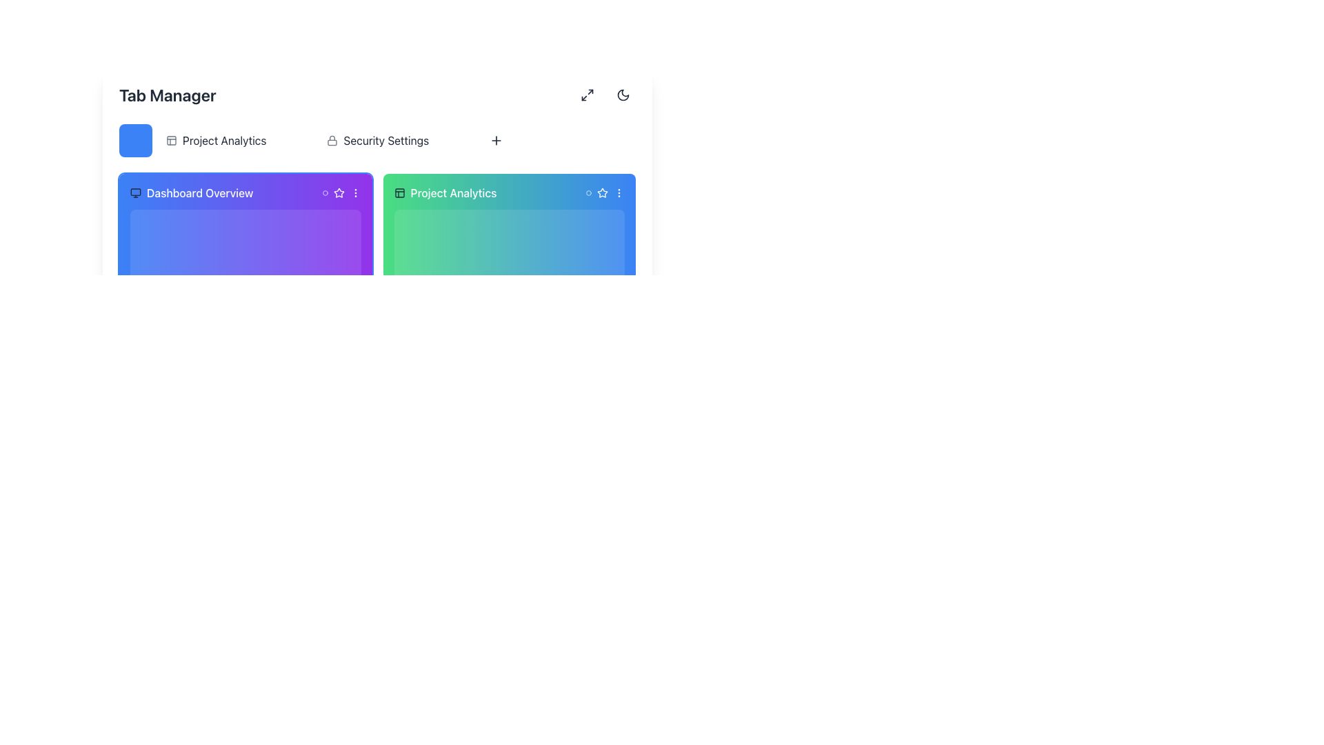  I want to click on the rectangular card component labeled 'Project Analytics' with a gradient background transitioning from green to blue, positioned as the second card in the grid layout, so click(508, 241).